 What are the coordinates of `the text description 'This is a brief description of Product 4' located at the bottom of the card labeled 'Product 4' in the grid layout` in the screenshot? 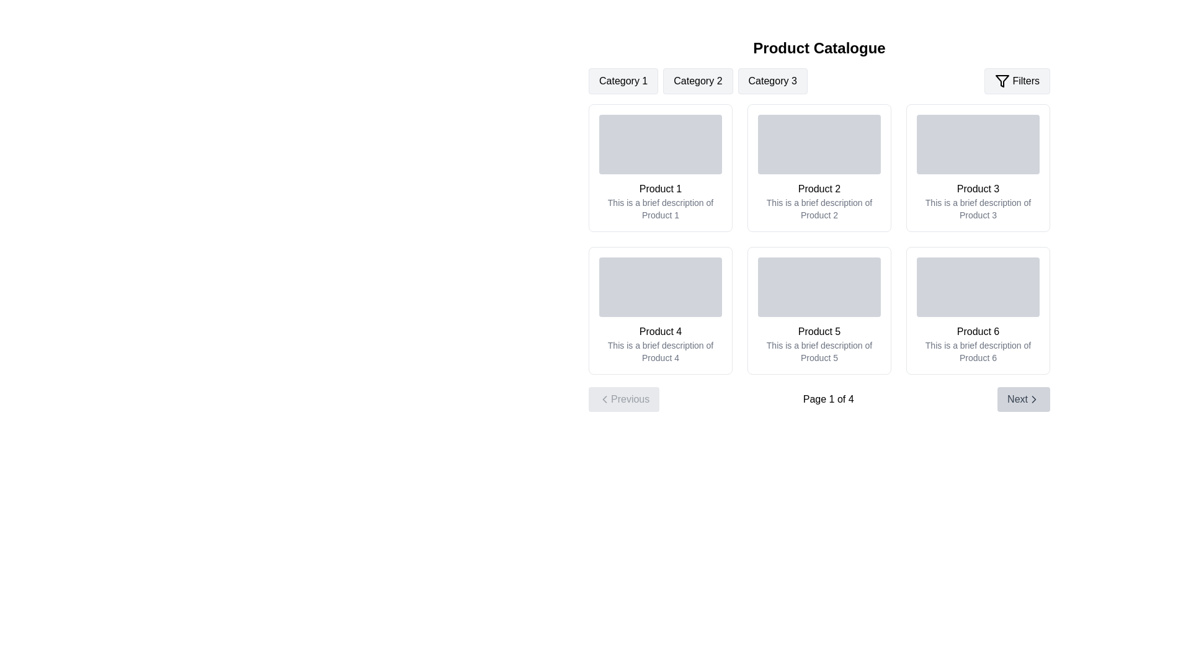 It's located at (660, 352).